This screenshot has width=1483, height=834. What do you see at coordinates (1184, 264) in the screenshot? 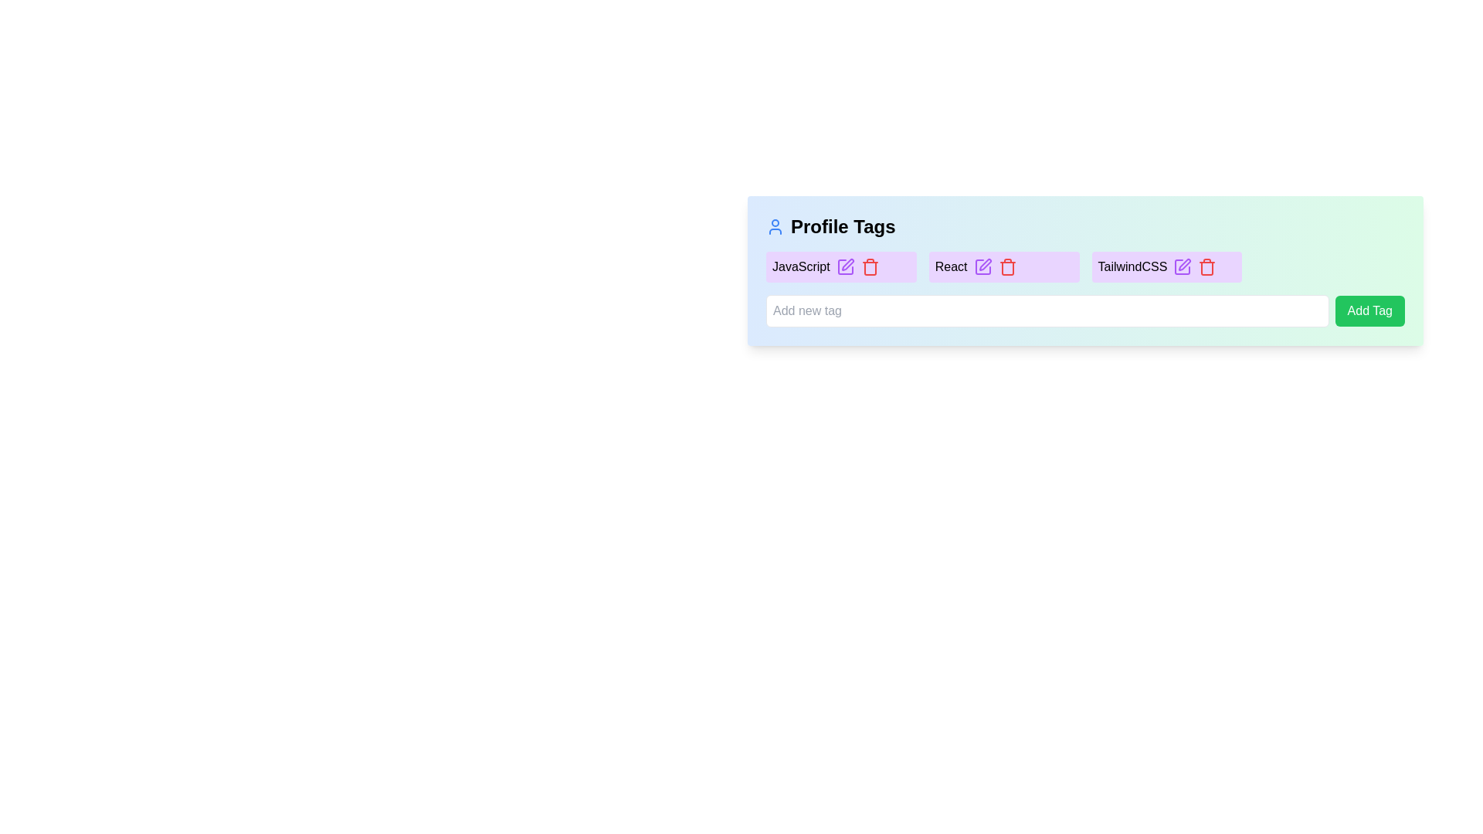
I see `the edit icon button located on the right side of the 'TailwindCSS' tag to initiate editing of the associated tag` at bounding box center [1184, 264].